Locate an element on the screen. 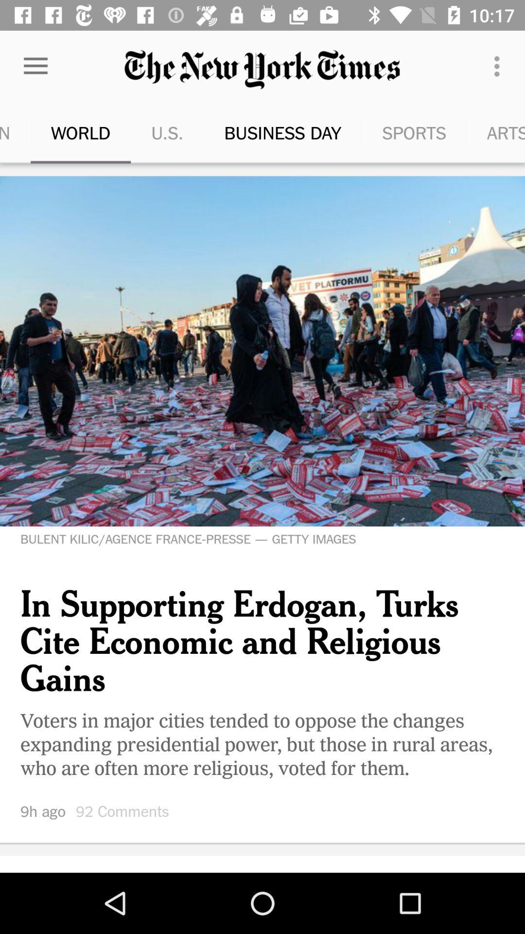  the sports is located at coordinates (389, 132).